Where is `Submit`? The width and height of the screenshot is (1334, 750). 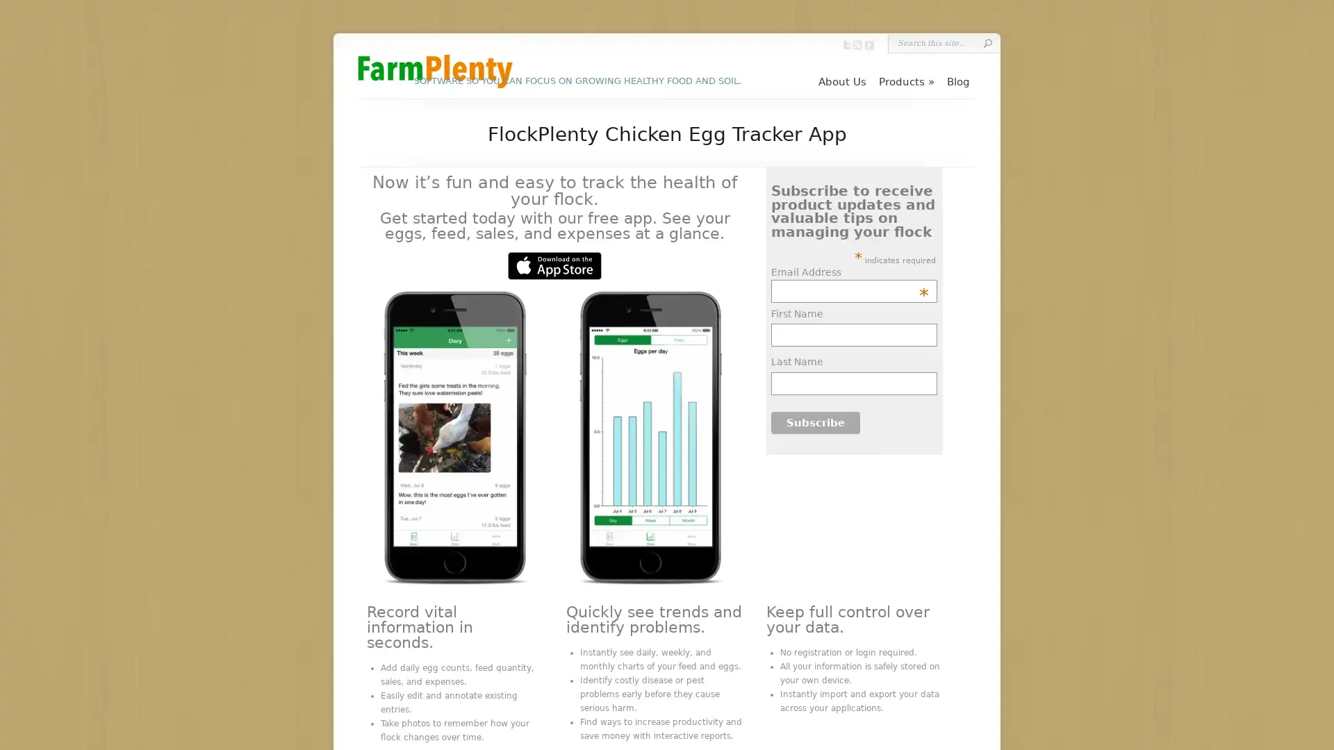
Submit is located at coordinates (987, 42).